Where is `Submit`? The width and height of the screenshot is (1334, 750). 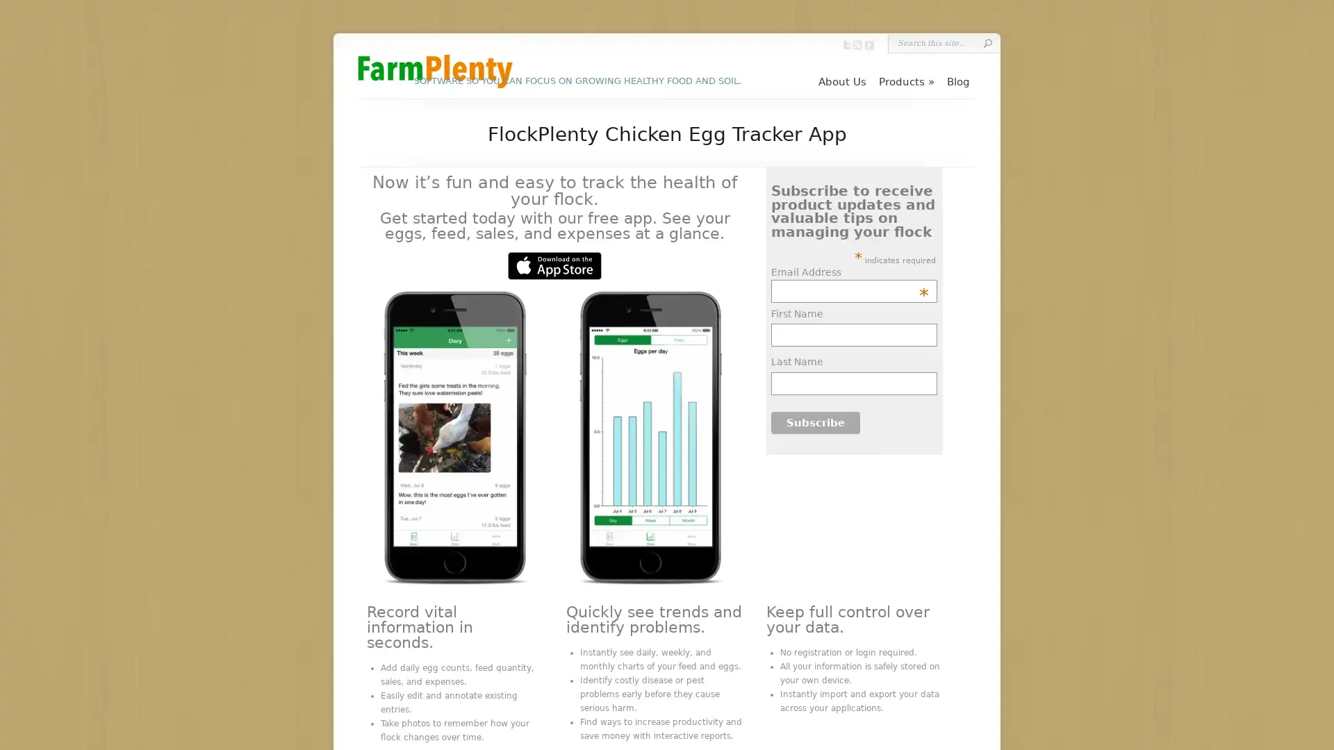
Submit is located at coordinates (987, 42).